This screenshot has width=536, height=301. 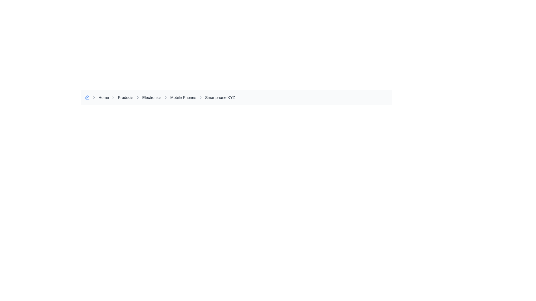 I want to click on the 'Home' hyperlink in the breadcrumb navigation, which is styled in gray and turns blue on hover, positioned between the house icon and the chevron icon, so click(x=100, y=97).